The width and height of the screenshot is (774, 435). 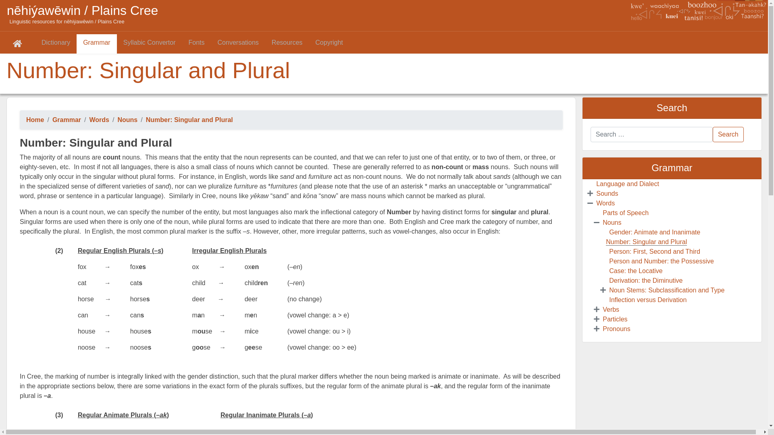 What do you see at coordinates (614, 319) in the screenshot?
I see `'Particles'` at bounding box center [614, 319].